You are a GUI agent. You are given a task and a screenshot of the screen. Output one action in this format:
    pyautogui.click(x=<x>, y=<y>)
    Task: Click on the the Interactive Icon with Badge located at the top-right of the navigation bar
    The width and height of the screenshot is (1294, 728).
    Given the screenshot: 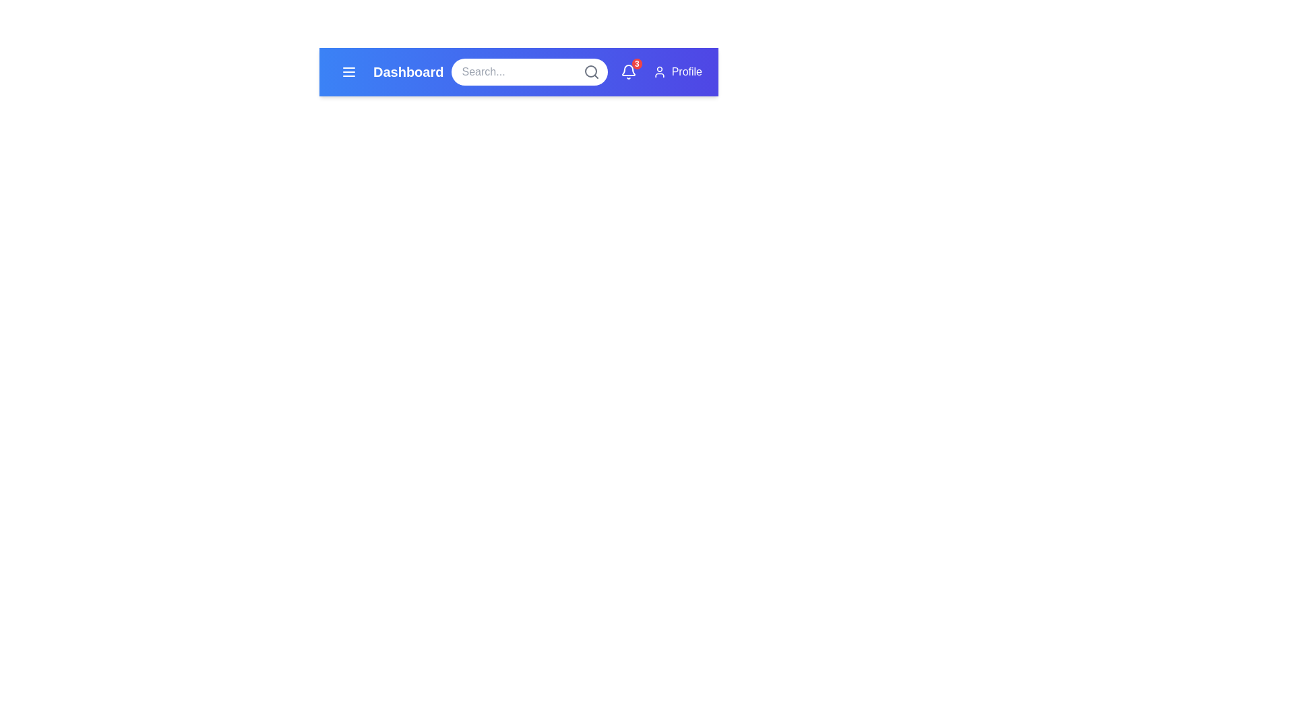 What is the action you would take?
    pyautogui.click(x=627, y=72)
    